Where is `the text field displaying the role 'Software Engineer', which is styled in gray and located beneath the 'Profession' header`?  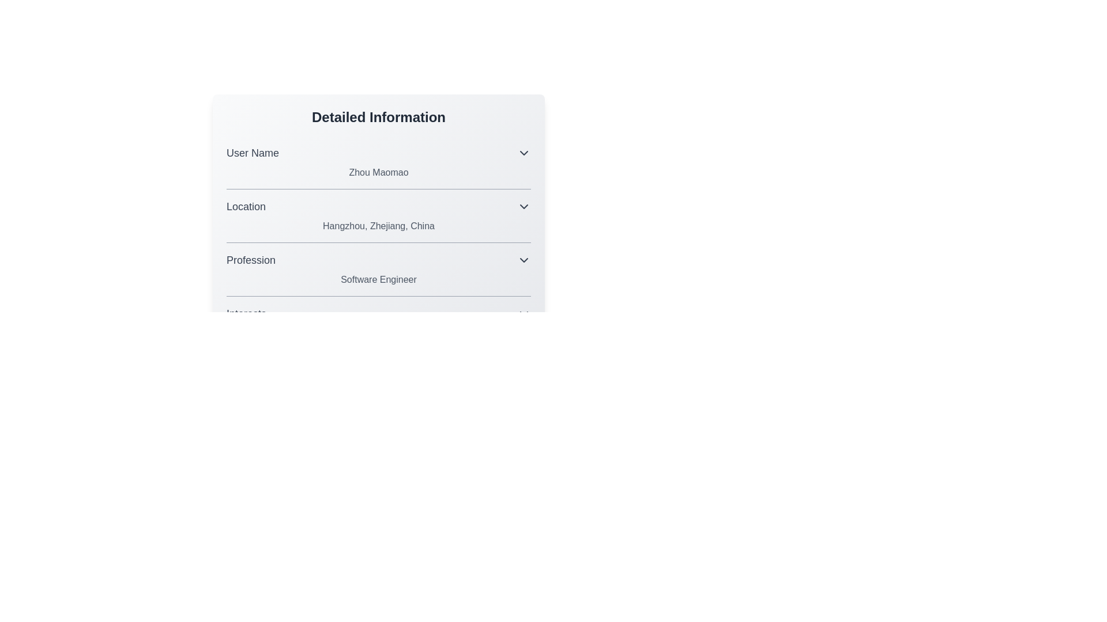
the text field displaying the role 'Software Engineer', which is styled in gray and located beneath the 'Profession' header is located at coordinates (379, 280).